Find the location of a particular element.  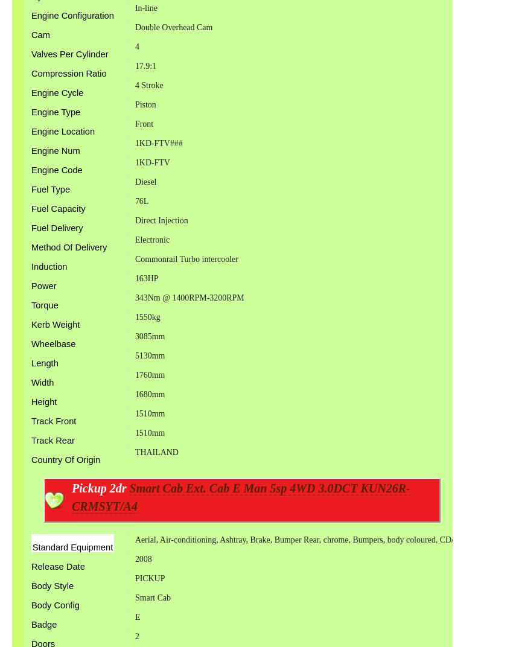

'Track Front' is located at coordinates (53, 420).